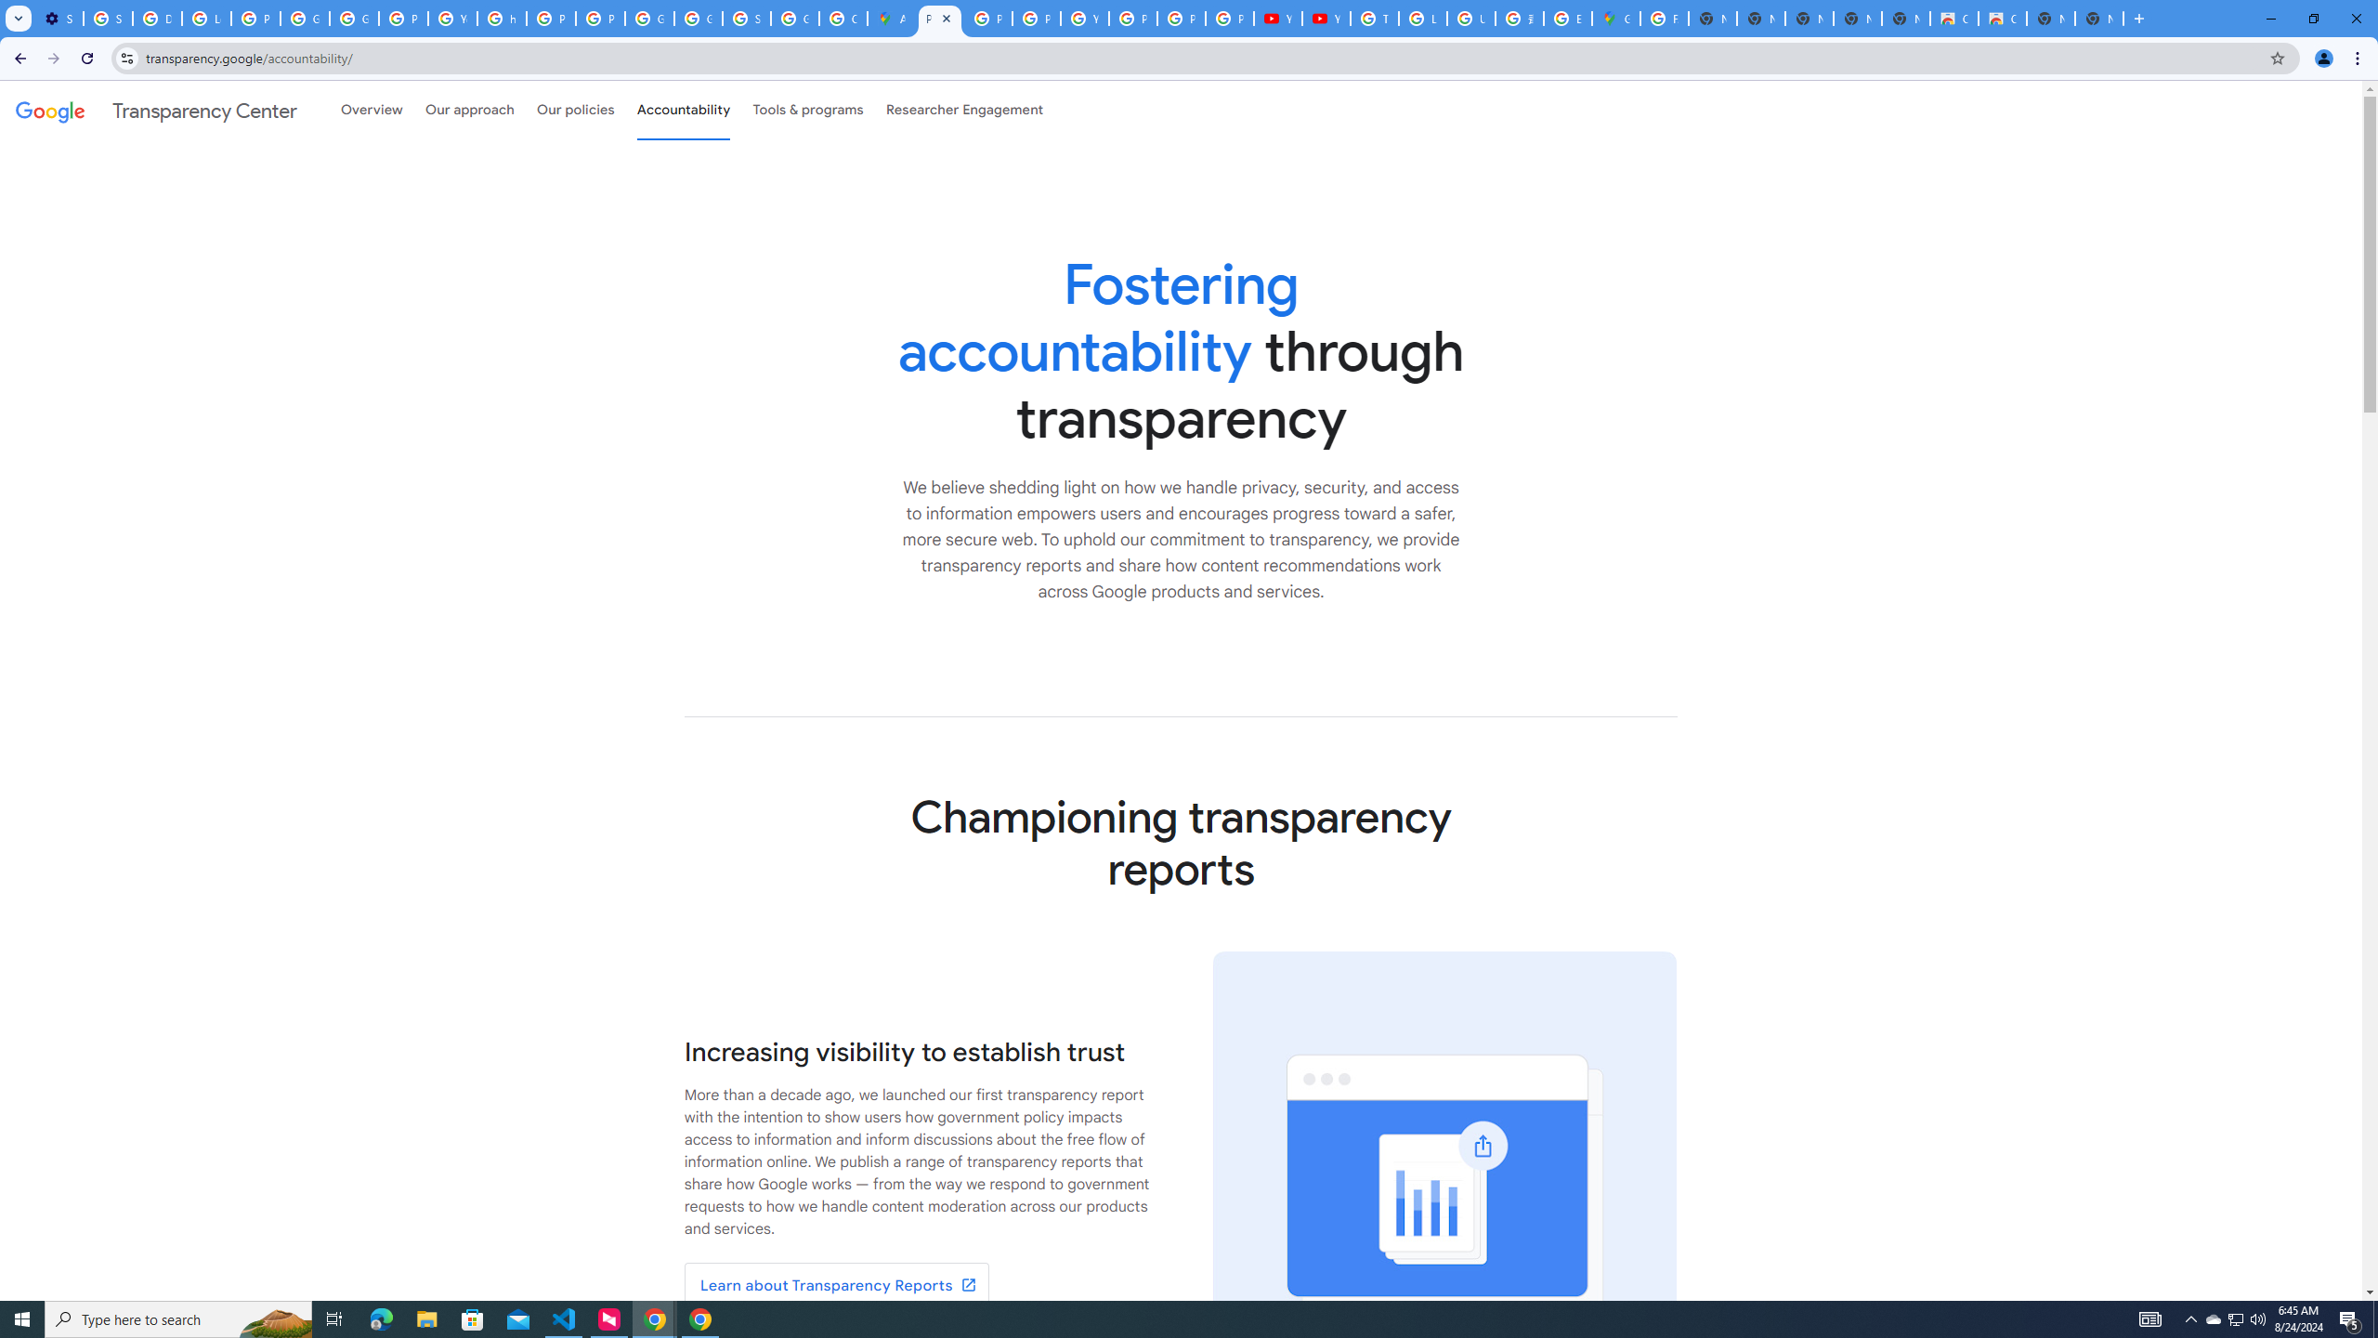 The image size is (2378, 1338). I want to click on 'Google Maps', so click(1614, 18).